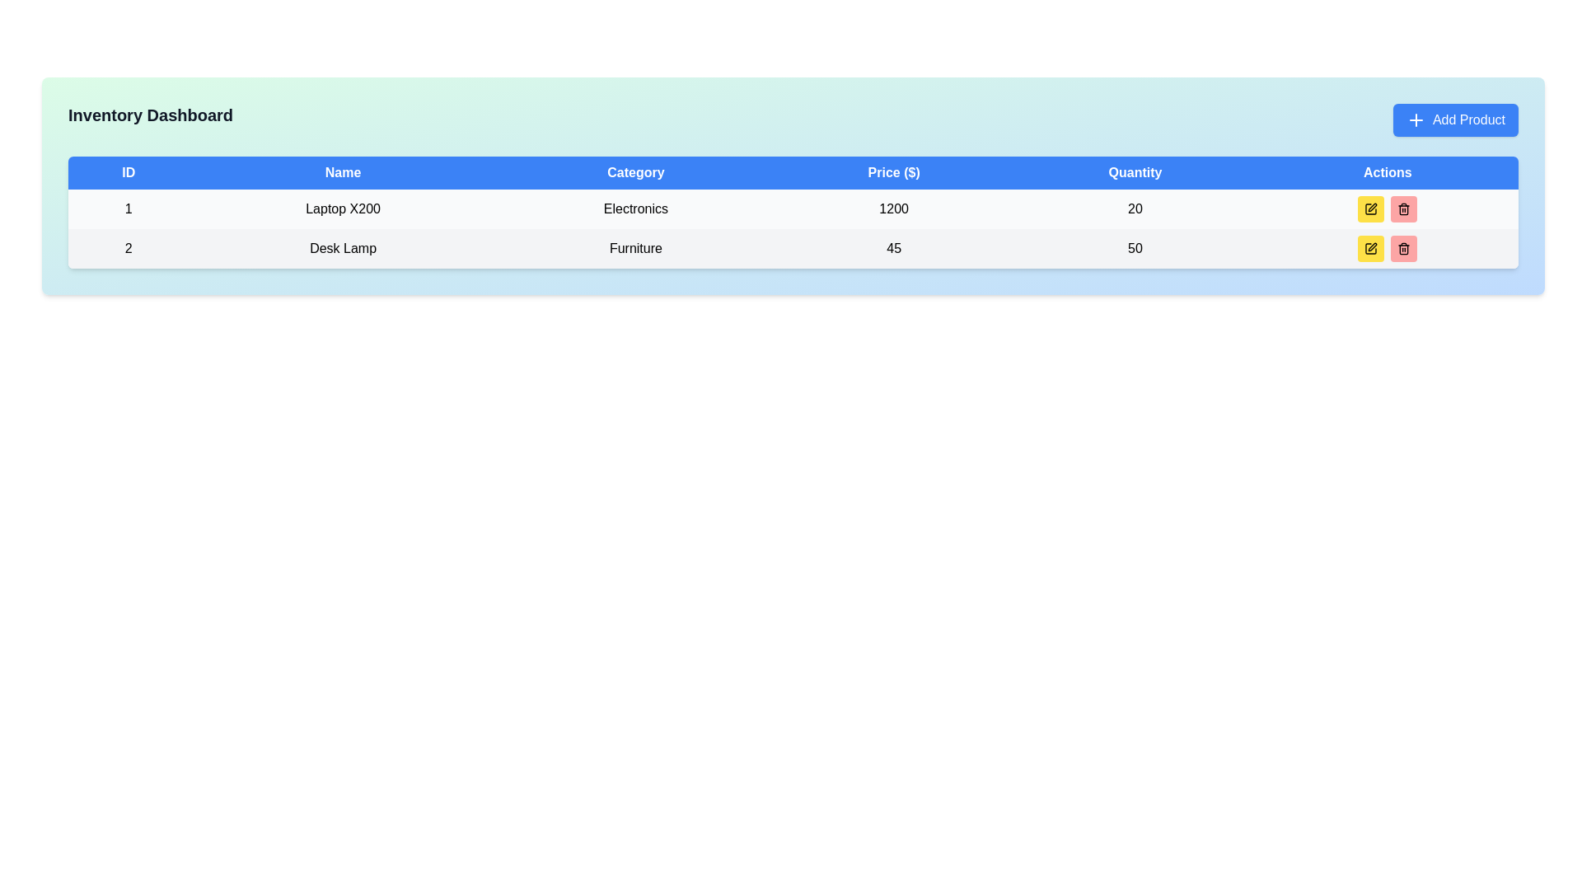 The height and width of the screenshot is (890, 1582). Describe the element at coordinates (1455, 119) in the screenshot. I see `the 'Add Product' button, which is a rectangular button with a blue background and white text, located` at that location.